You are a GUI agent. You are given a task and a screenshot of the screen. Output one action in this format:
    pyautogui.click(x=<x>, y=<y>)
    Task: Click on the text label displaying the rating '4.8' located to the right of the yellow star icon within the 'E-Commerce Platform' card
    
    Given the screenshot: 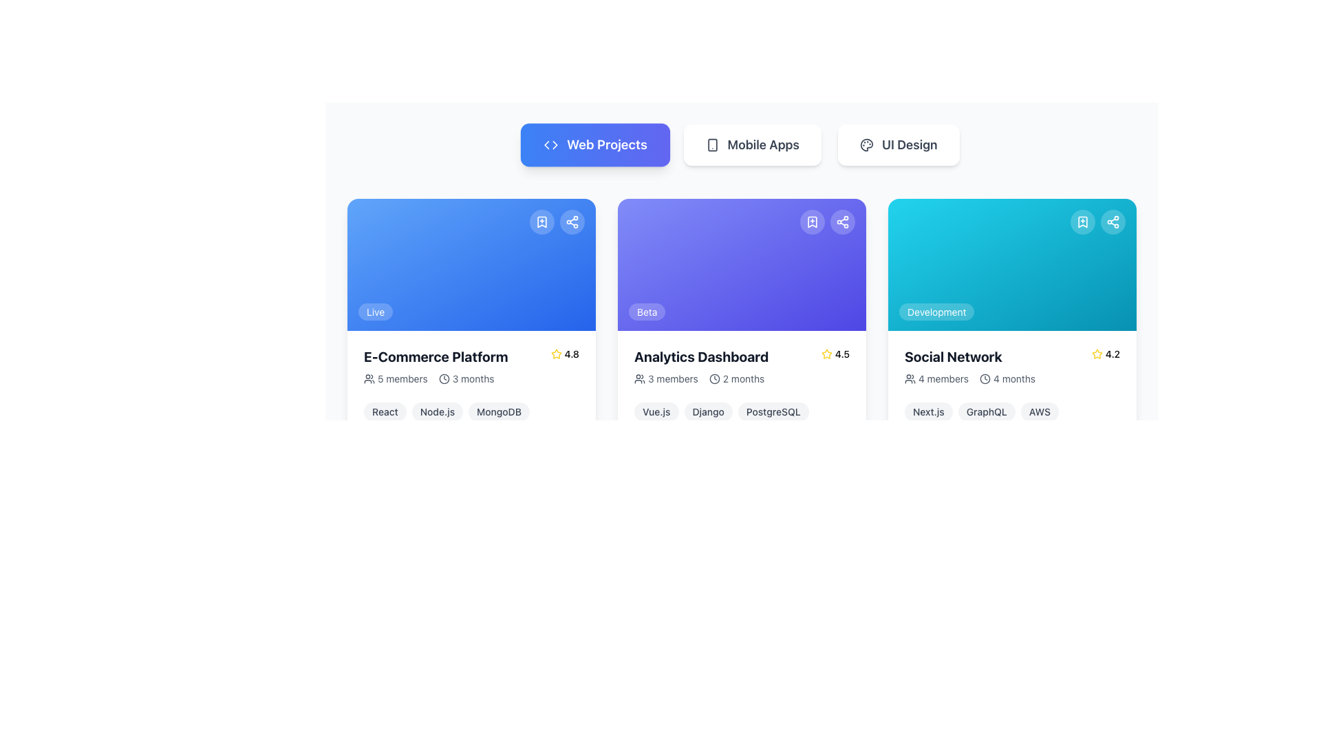 What is the action you would take?
    pyautogui.click(x=572, y=354)
    